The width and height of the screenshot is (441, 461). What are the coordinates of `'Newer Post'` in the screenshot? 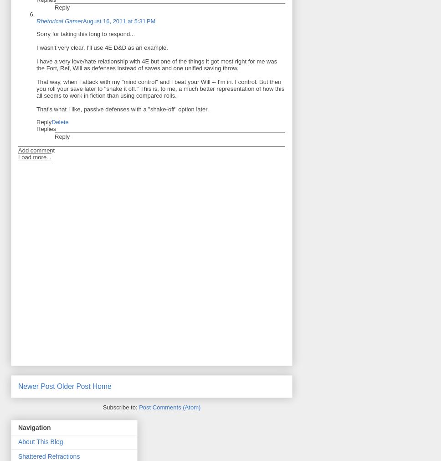 It's located at (18, 386).